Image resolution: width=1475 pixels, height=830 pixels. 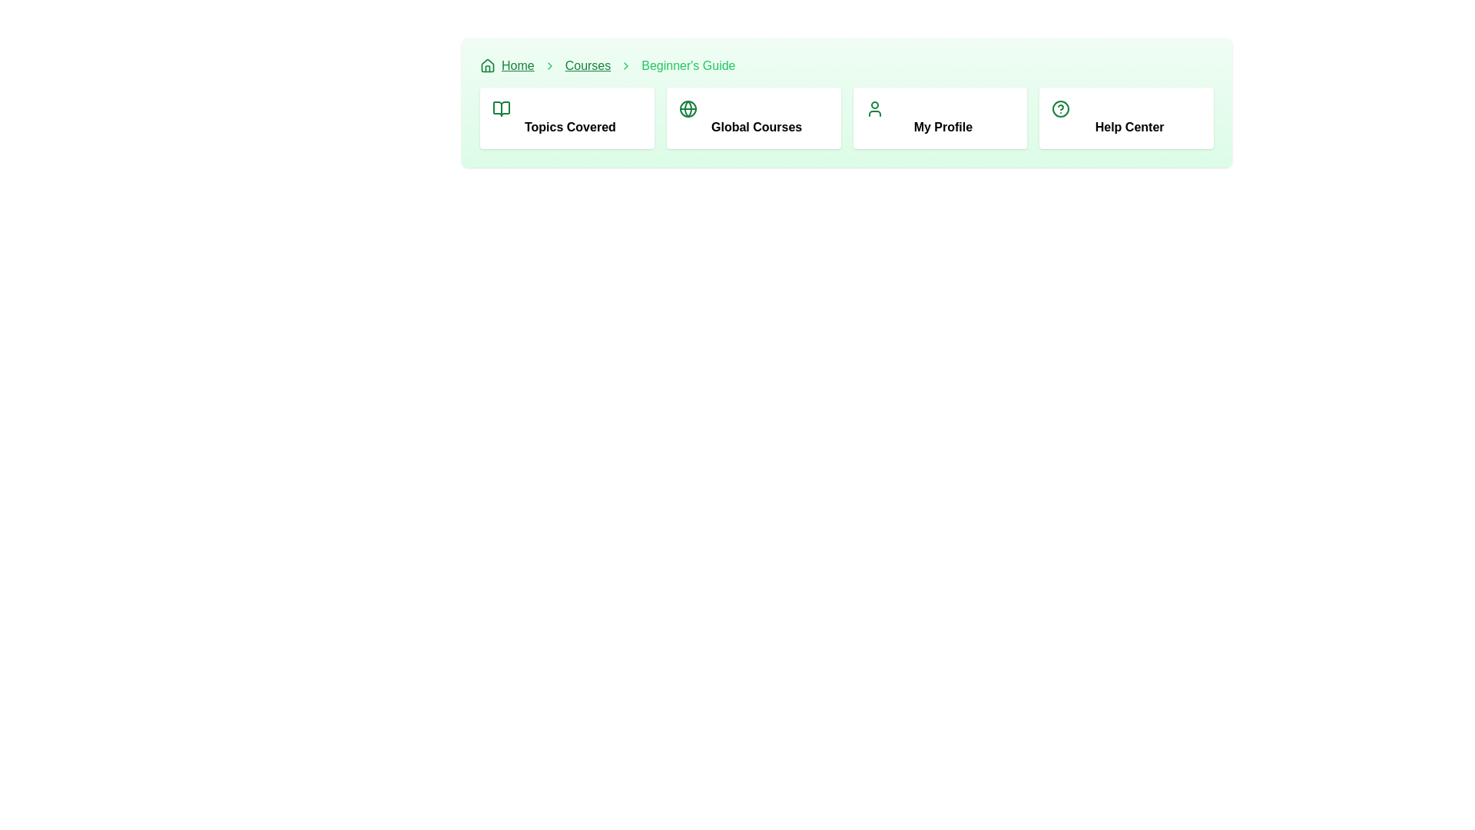 What do you see at coordinates (549, 65) in the screenshot?
I see `the green rightward-pointing chevron icon located between 'Home' and 'Courses' in the breadcrumb navigation` at bounding box center [549, 65].